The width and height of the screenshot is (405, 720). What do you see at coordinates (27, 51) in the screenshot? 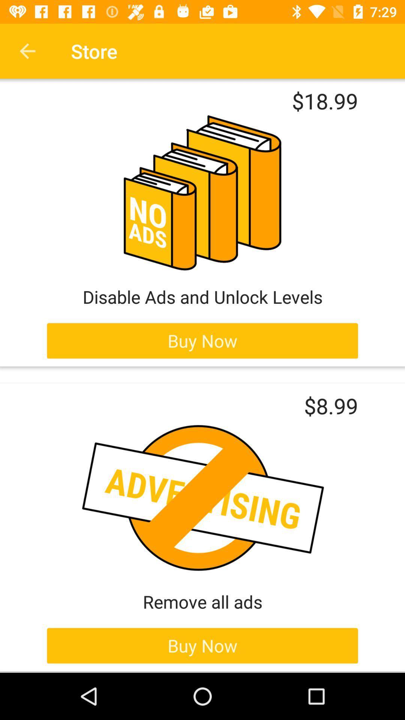
I see `the item next to the store icon` at bounding box center [27, 51].